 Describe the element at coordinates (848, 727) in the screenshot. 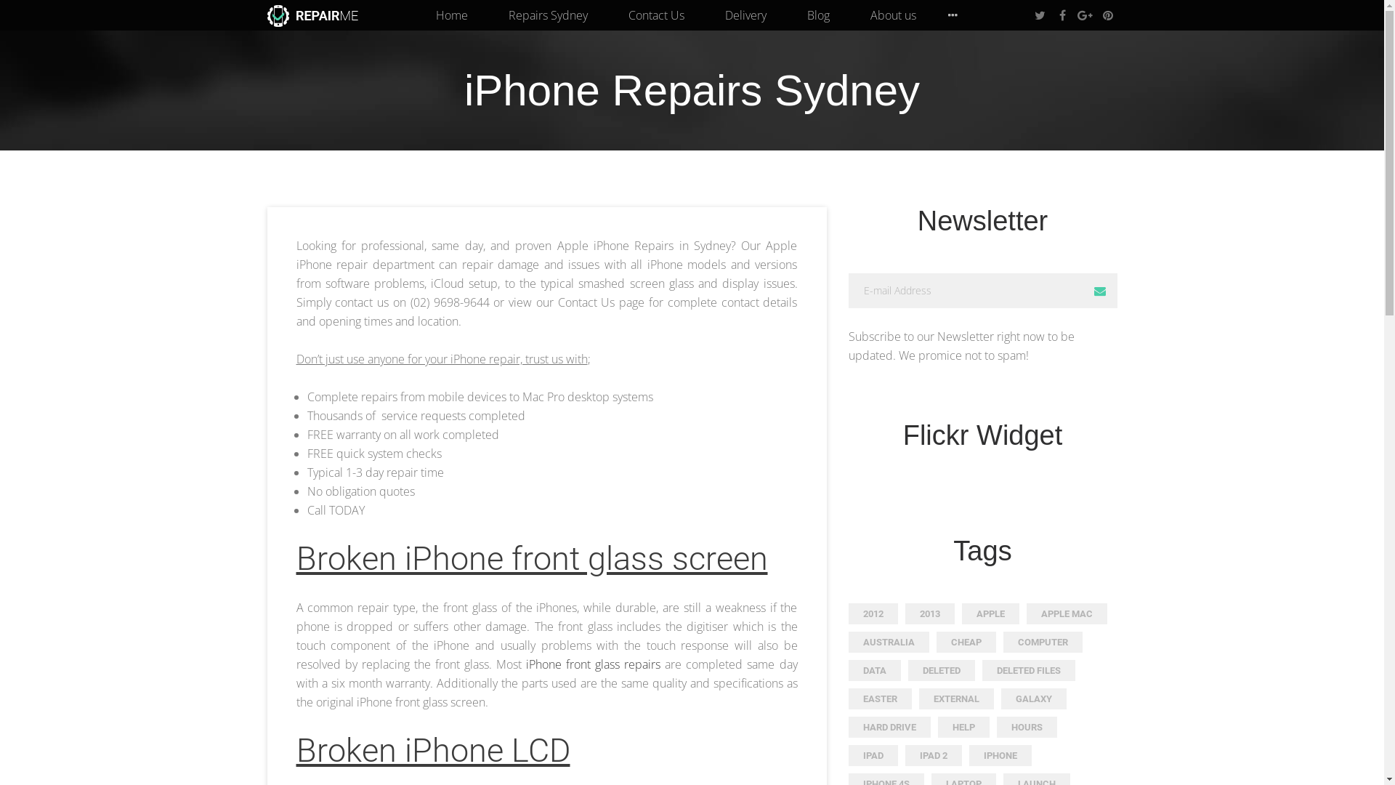

I see `'HARD DRIVE'` at that location.